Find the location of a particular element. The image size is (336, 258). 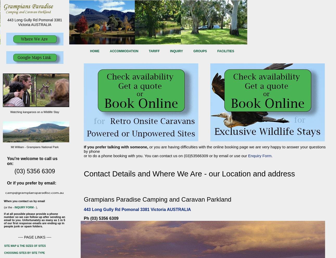

'- inquiry form -' is located at coordinates (24, 207).